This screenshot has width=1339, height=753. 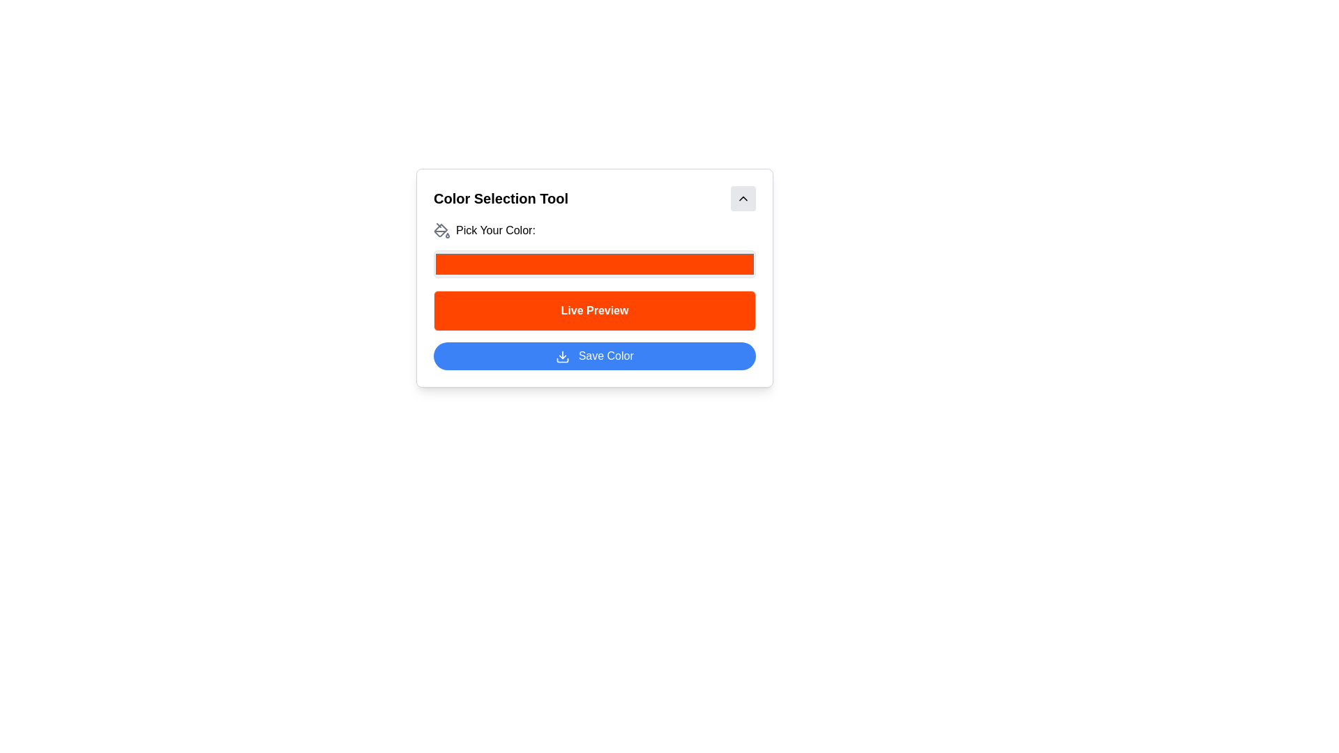 What do you see at coordinates (501, 199) in the screenshot?
I see `text from the Text Label, which serves as a title or heading for the panel below it, positioned prominently to the left of a small button and an icon` at bounding box center [501, 199].